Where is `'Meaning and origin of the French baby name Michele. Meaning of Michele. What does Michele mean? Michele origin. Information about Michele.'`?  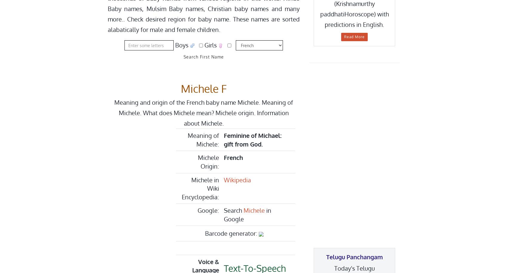 'Meaning and origin of the French baby name Michele. Meaning of Michele. What does Michele mean? Michele origin. Information about Michele.' is located at coordinates (204, 112).